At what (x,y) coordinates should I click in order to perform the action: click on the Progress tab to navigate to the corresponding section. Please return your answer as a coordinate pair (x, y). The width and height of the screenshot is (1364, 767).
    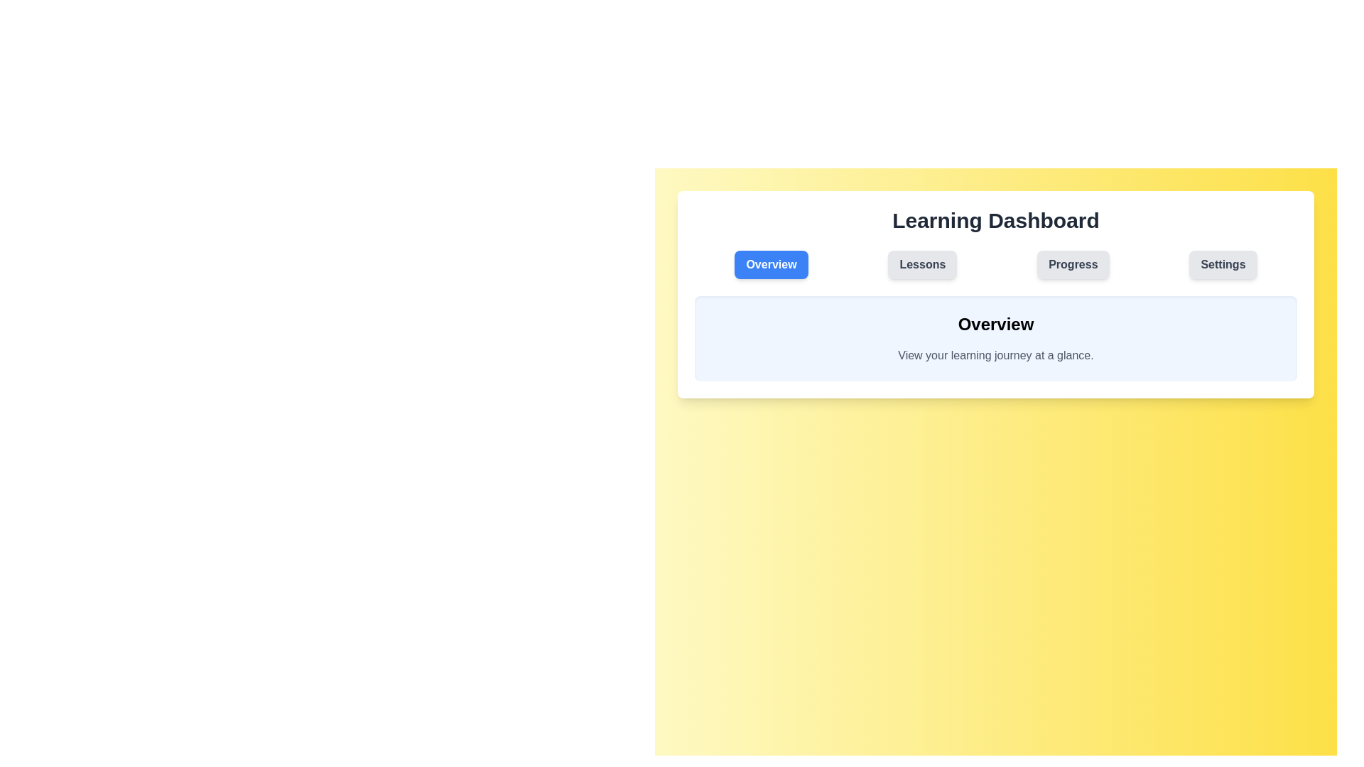
    Looking at the image, I should click on (1073, 265).